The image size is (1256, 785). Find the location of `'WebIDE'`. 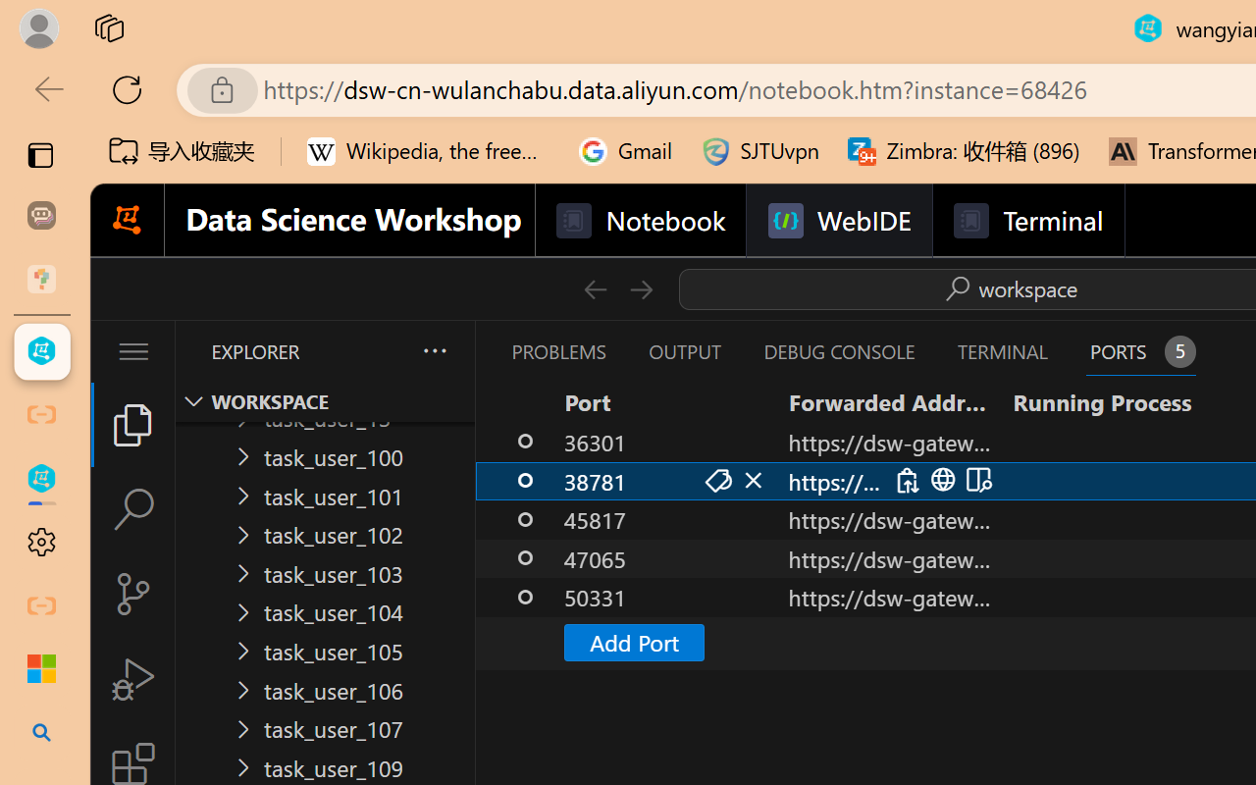

'WebIDE' is located at coordinates (839, 221).